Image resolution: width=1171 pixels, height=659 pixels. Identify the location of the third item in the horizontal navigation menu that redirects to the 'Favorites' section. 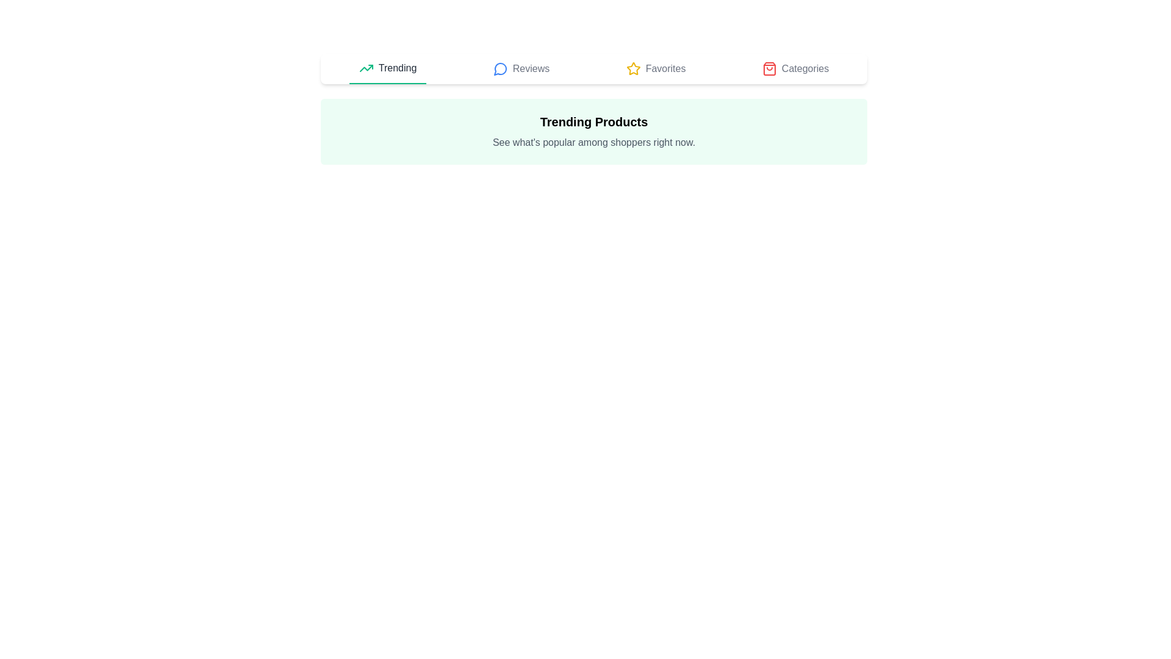
(655, 68).